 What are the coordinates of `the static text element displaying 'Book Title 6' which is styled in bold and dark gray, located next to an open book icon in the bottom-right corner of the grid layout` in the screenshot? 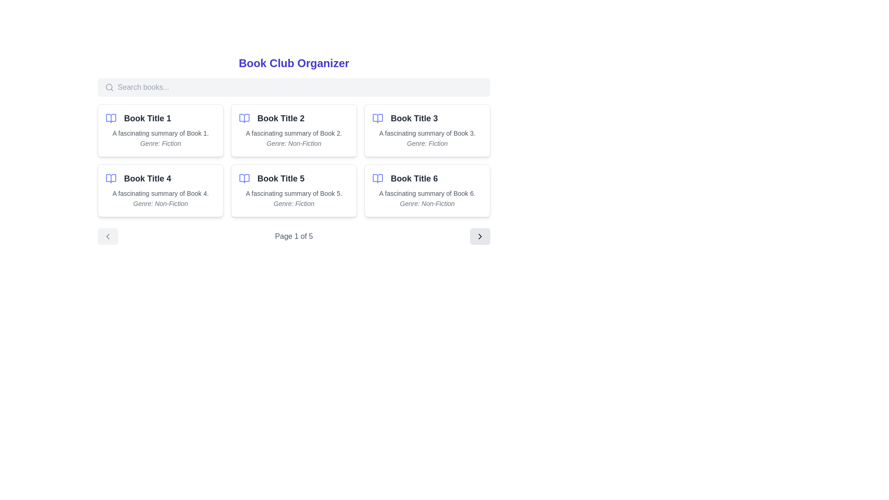 It's located at (413, 178).